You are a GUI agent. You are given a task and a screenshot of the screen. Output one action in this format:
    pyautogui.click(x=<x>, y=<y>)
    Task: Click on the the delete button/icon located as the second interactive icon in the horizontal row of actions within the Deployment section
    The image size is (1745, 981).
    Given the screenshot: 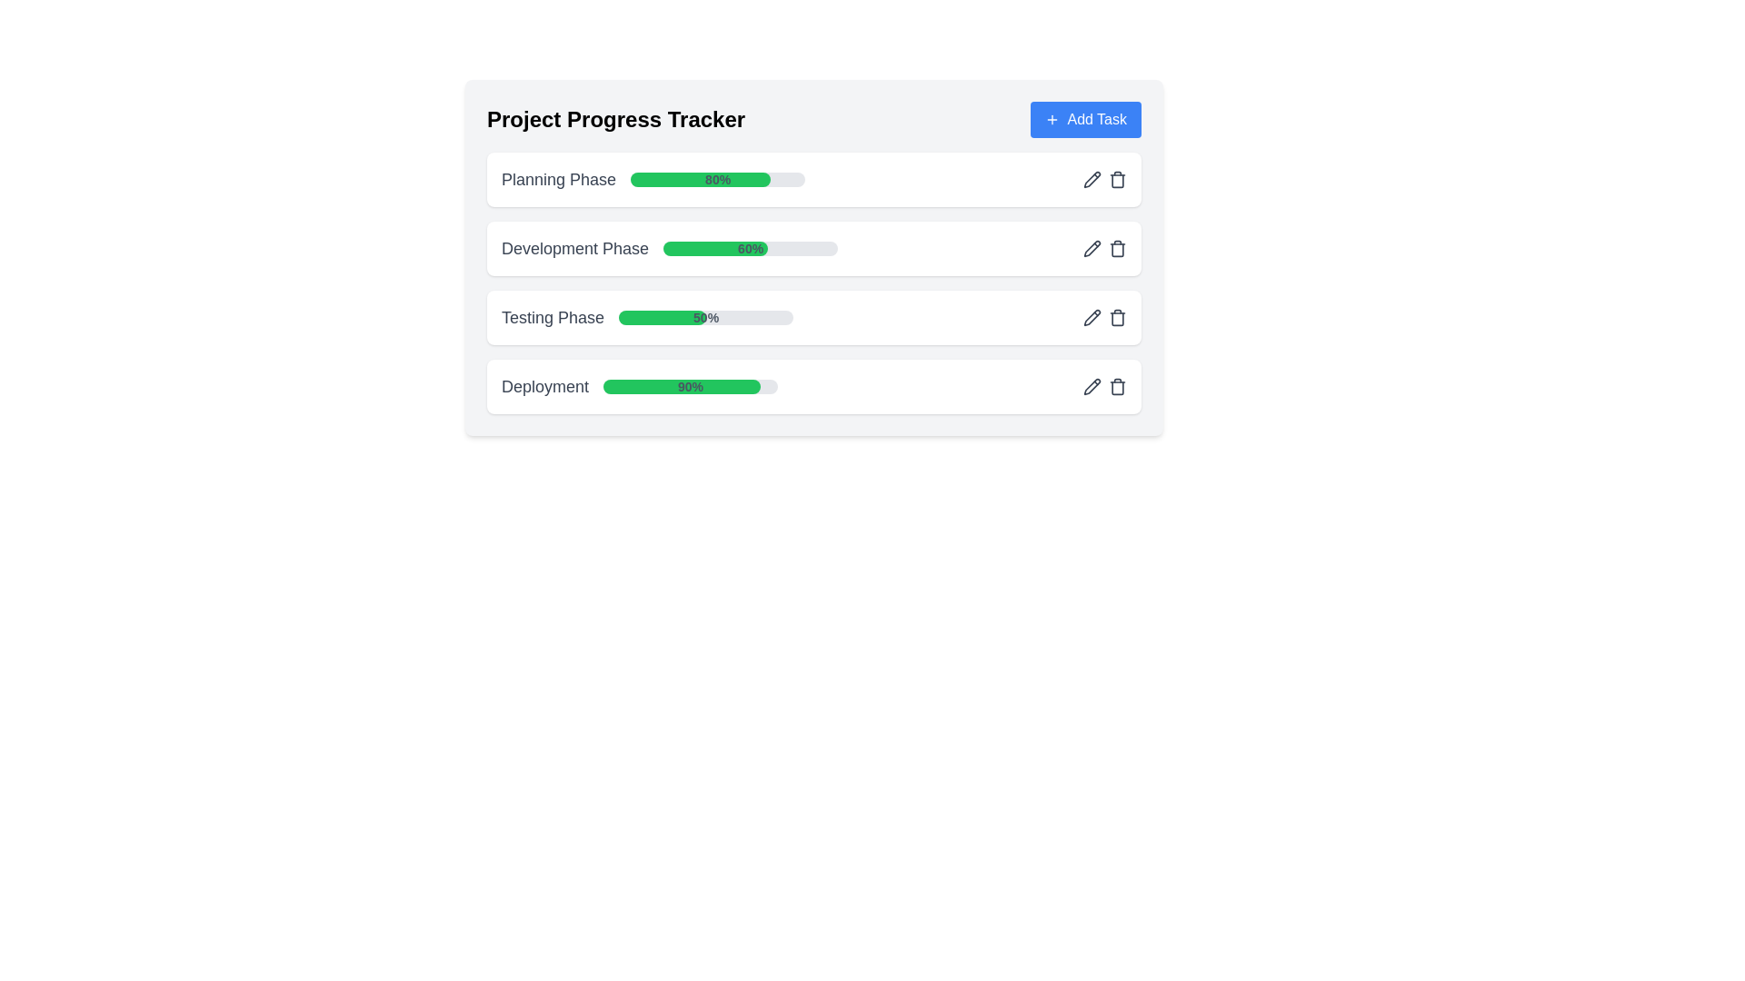 What is the action you would take?
    pyautogui.click(x=1116, y=385)
    